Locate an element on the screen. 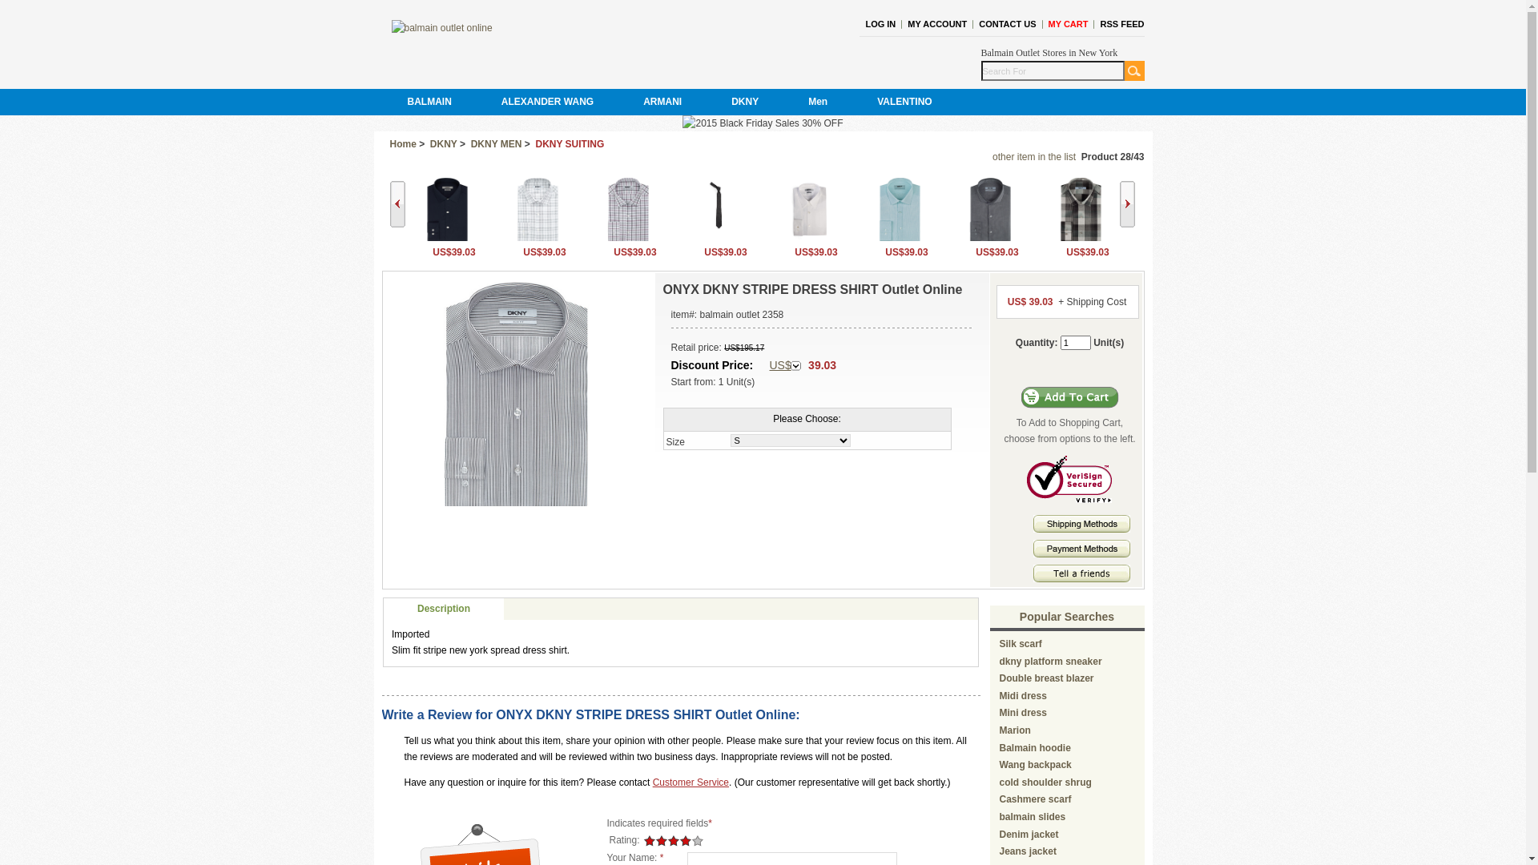 This screenshot has height=865, width=1538. 'Cashmere scarf' is located at coordinates (1035, 799).